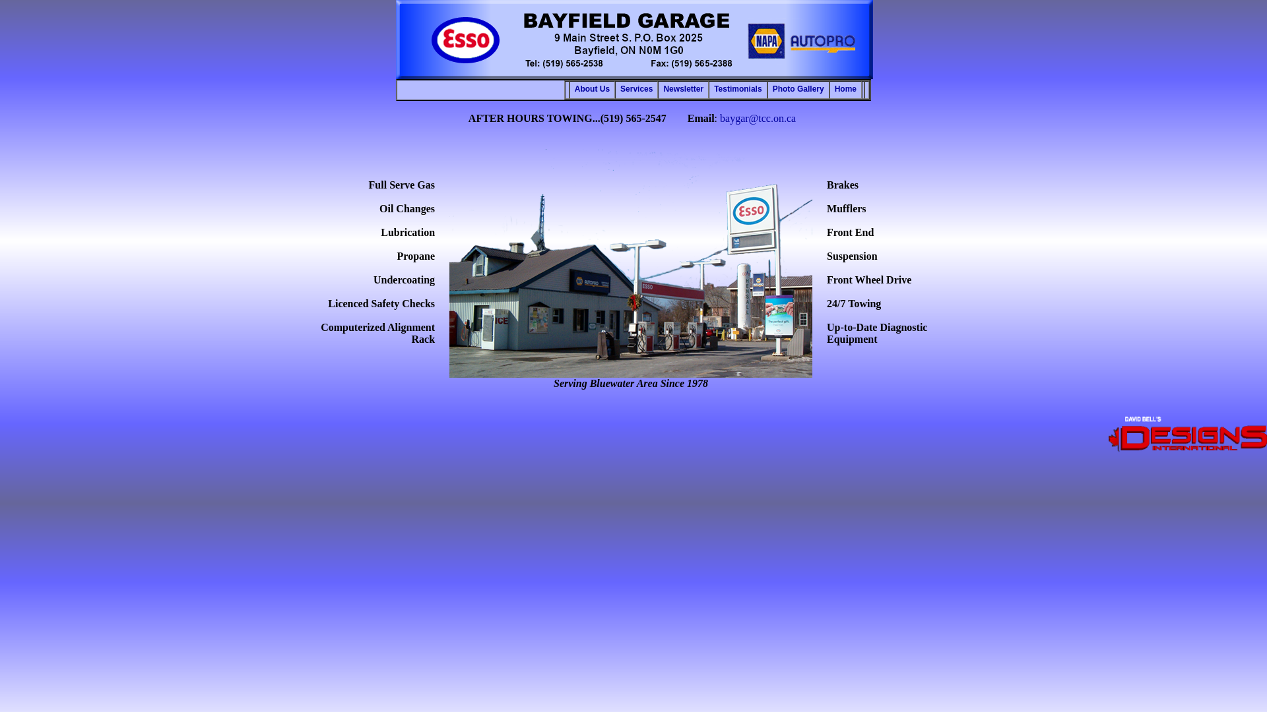 This screenshot has height=712, width=1267. What do you see at coordinates (758, 117) in the screenshot?
I see `'baygar@tcc.on.ca'` at bounding box center [758, 117].